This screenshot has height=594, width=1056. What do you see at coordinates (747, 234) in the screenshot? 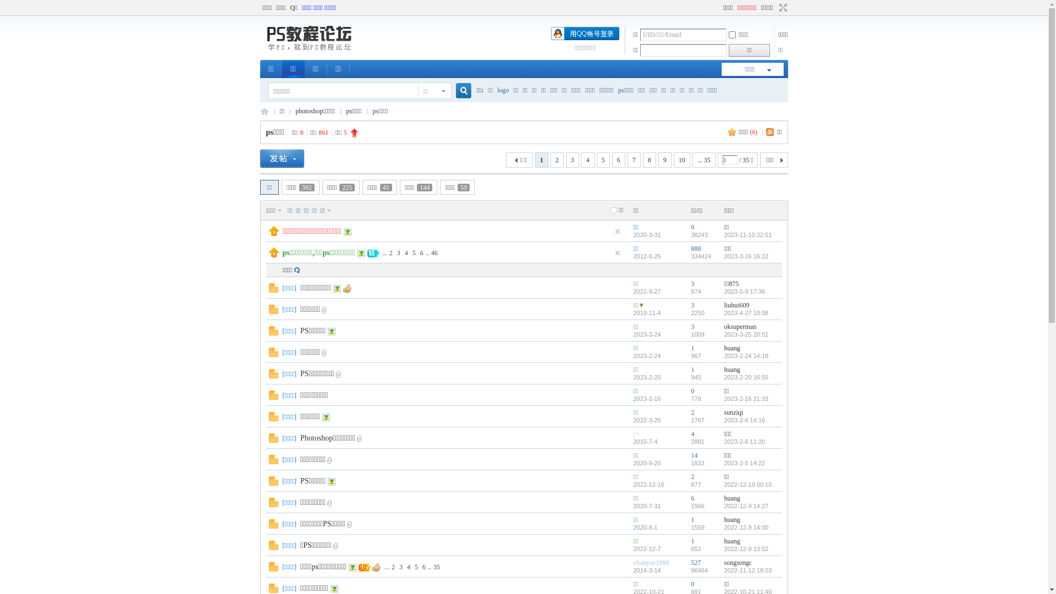
I see `'2023-11-10 22:51'` at bounding box center [747, 234].